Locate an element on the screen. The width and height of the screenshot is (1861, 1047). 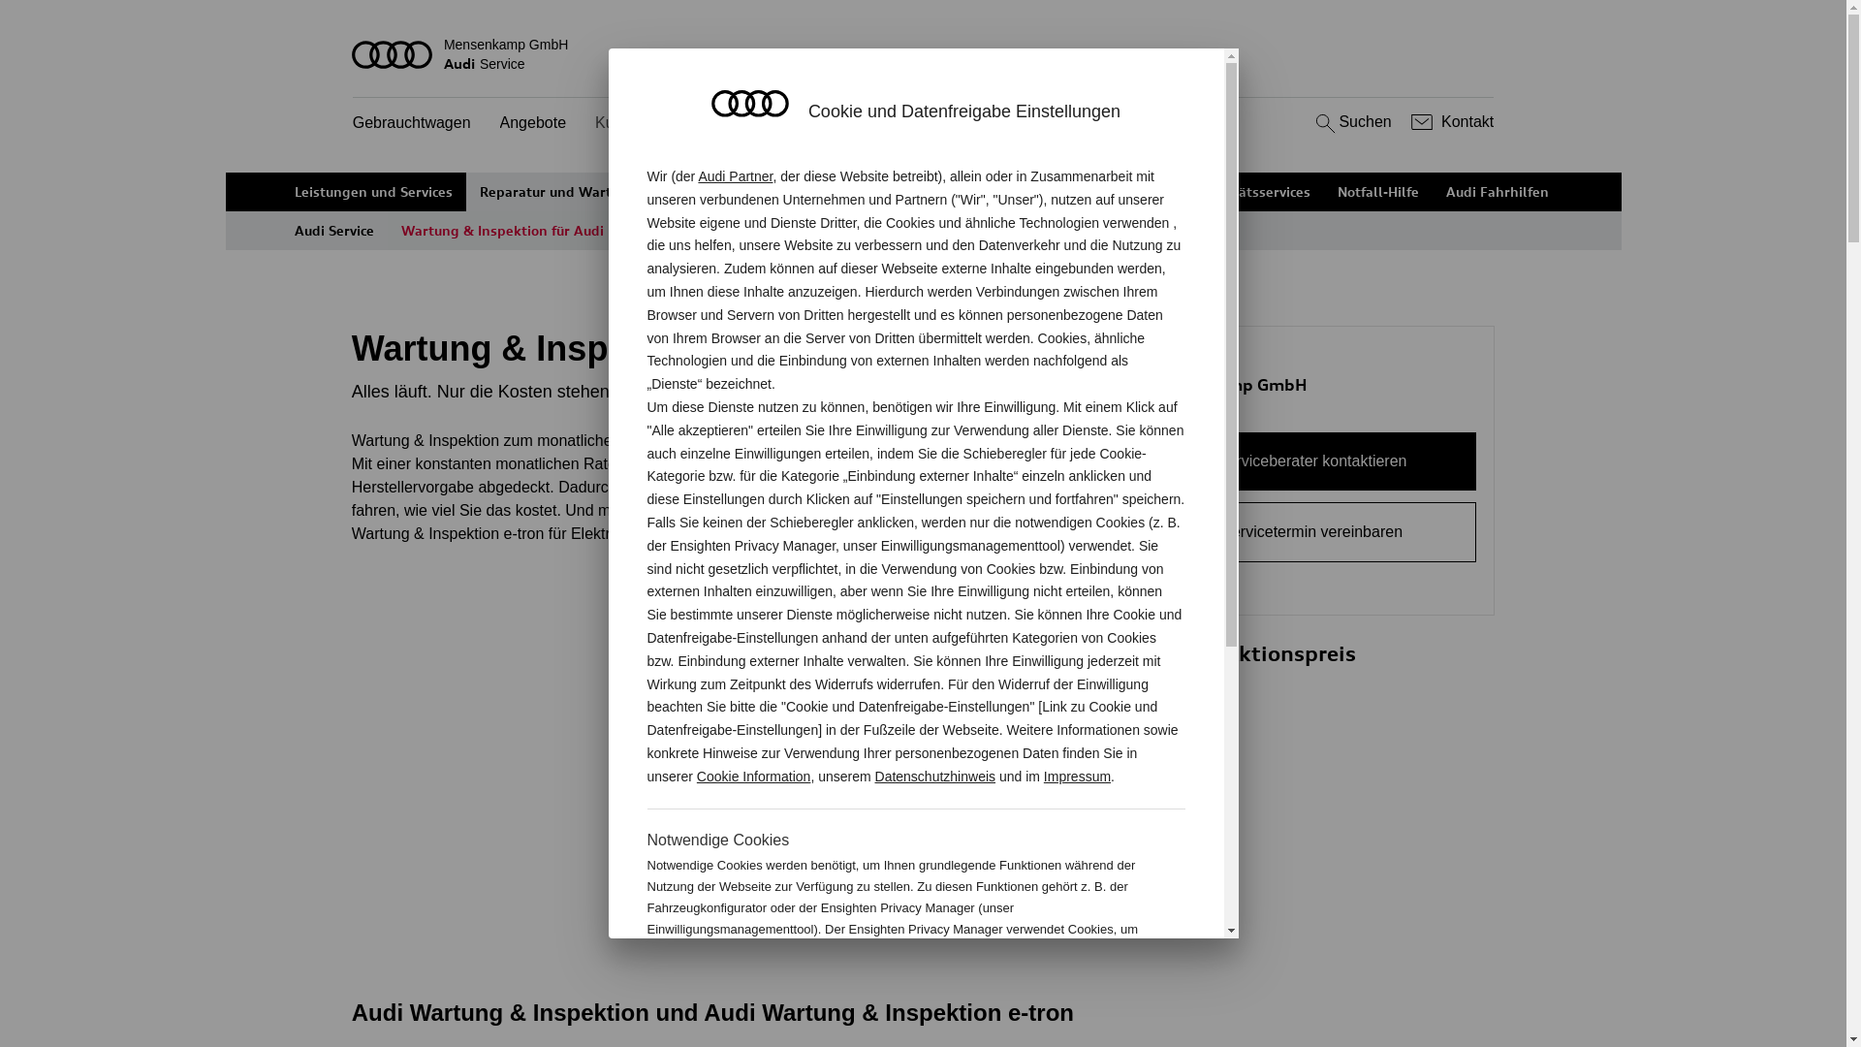
'Kundenservice' is located at coordinates (647, 123).